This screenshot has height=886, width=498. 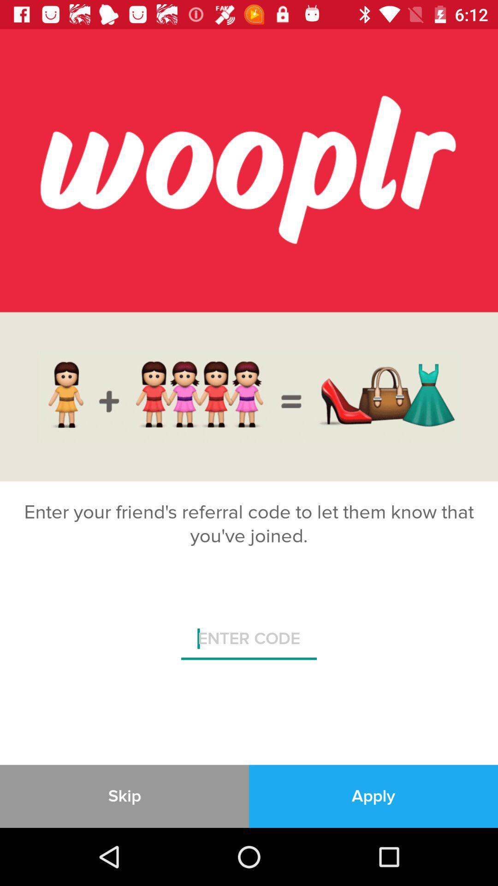 What do you see at coordinates (249, 642) in the screenshot?
I see `type code` at bounding box center [249, 642].